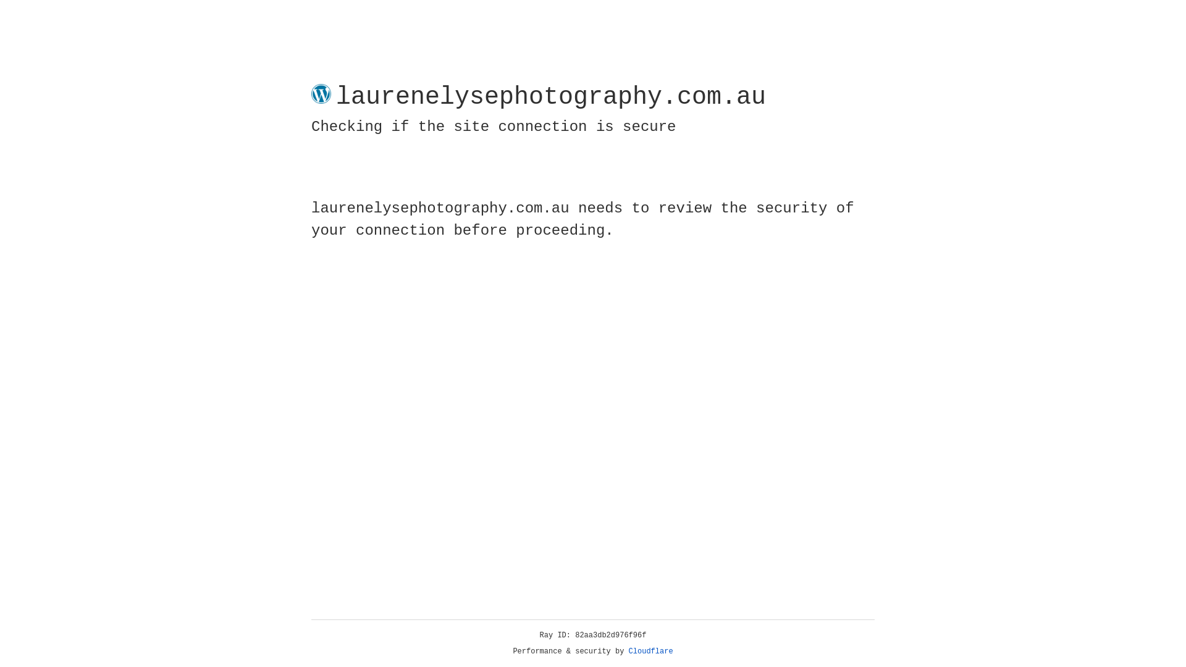 The height and width of the screenshot is (667, 1186). What do you see at coordinates (650, 651) in the screenshot?
I see `'Cloudflare'` at bounding box center [650, 651].